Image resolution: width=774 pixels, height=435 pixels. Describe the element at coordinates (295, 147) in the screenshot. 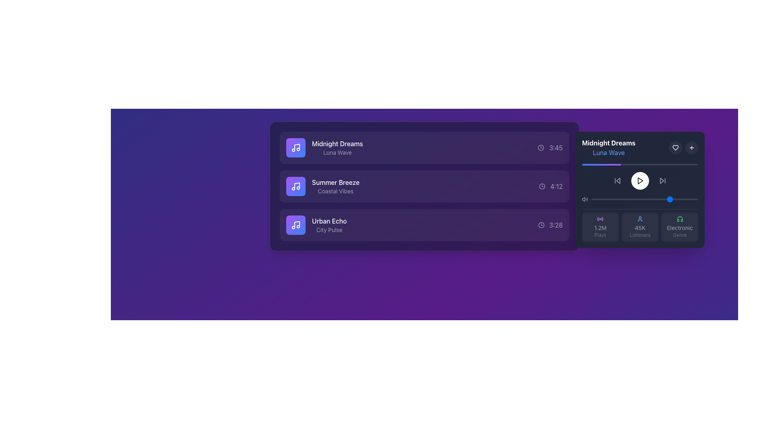

I see `the music note icon, which is styled in white and located within a purple-to-blue gradient circular background` at that location.